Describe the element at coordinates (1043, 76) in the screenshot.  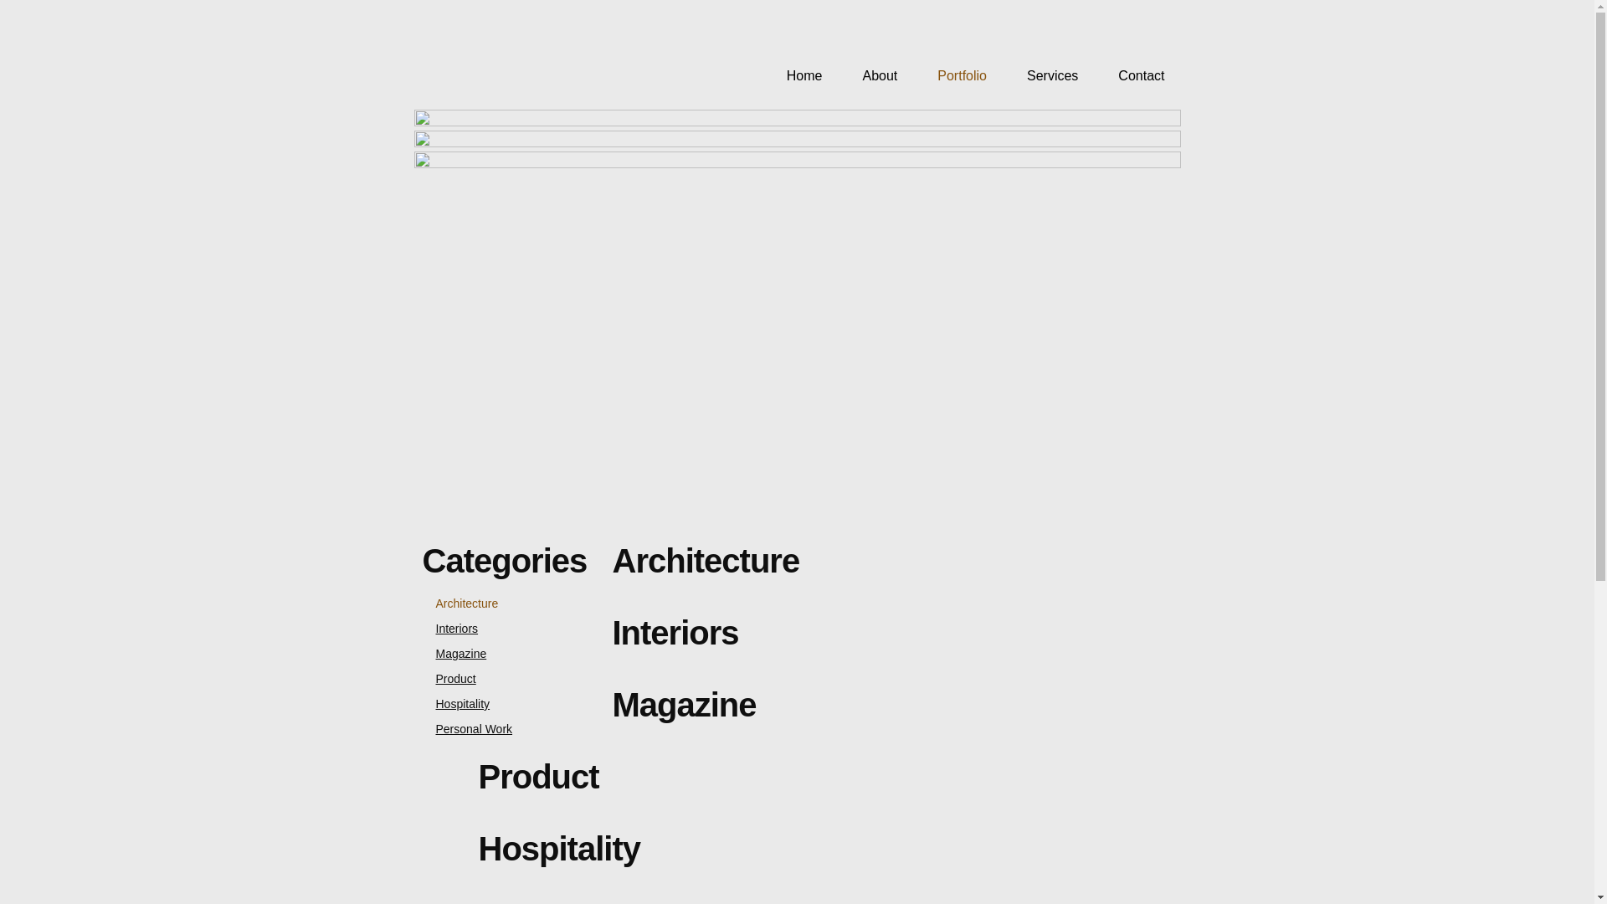
I see `'Services'` at that location.